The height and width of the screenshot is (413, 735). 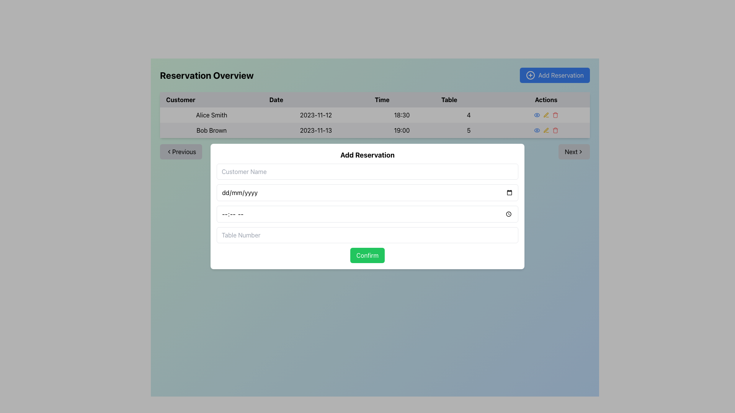 What do you see at coordinates (375, 122) in the screenshot?
I see `information displayed in the first row of the reservation table, which includes the customer's name 'Alice Smith', the date '2023-11-12', the time '18:30', and the table number '4'` at bounding box center [375, 122].